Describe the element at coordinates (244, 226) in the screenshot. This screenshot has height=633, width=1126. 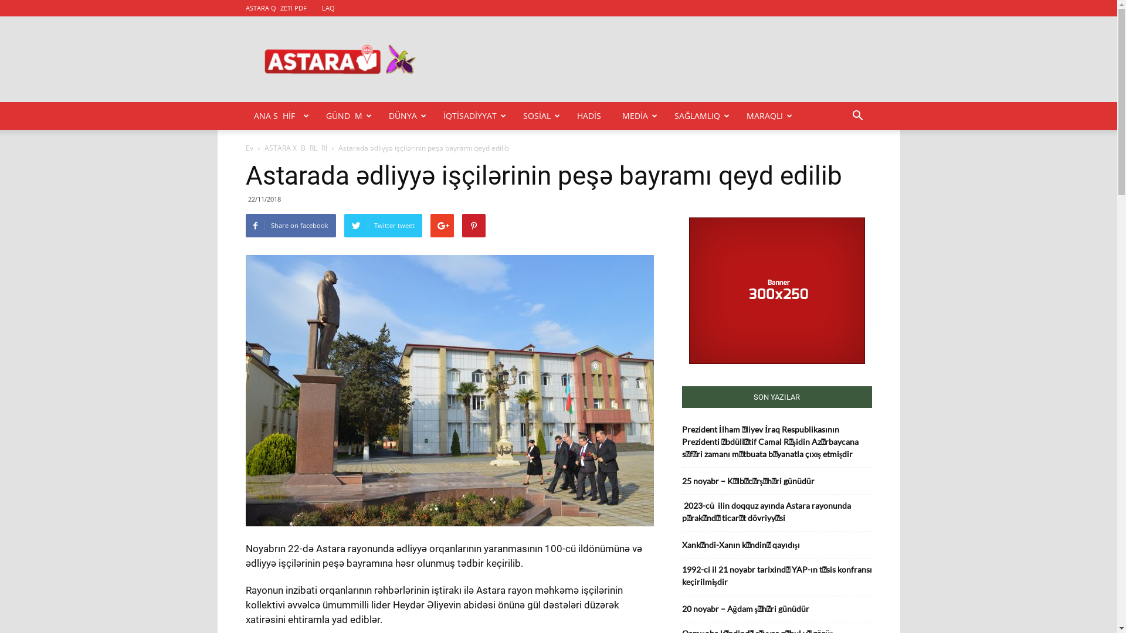
I see `'Share on facebook'` at that location.